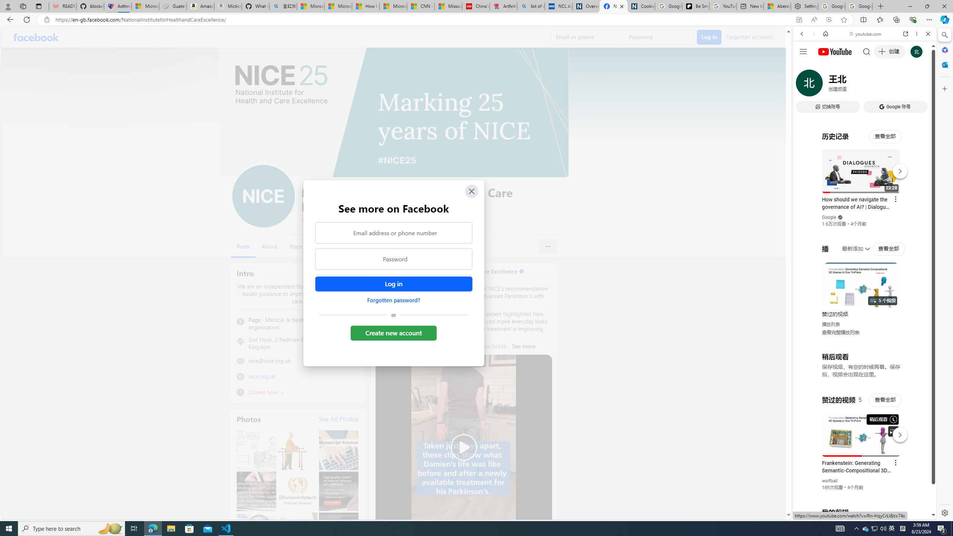 The image size is (953, 536). Describe the element at coordinates (36, 37) in the screenshot. I see `'Facebook'` at that location.